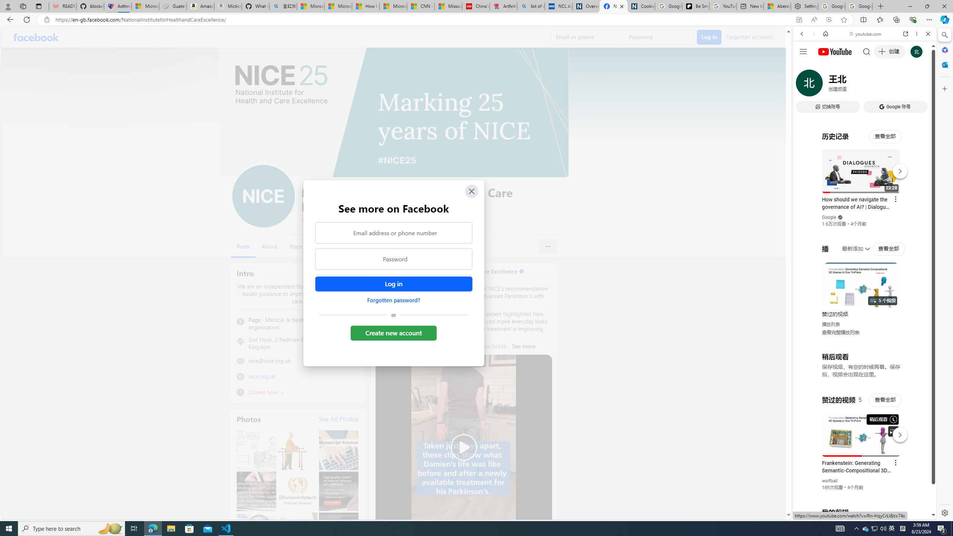 The image size is (953, 536). Describe the element at coordinates (36, 37) in the screenshot. I see `'Facebook'` at that location.